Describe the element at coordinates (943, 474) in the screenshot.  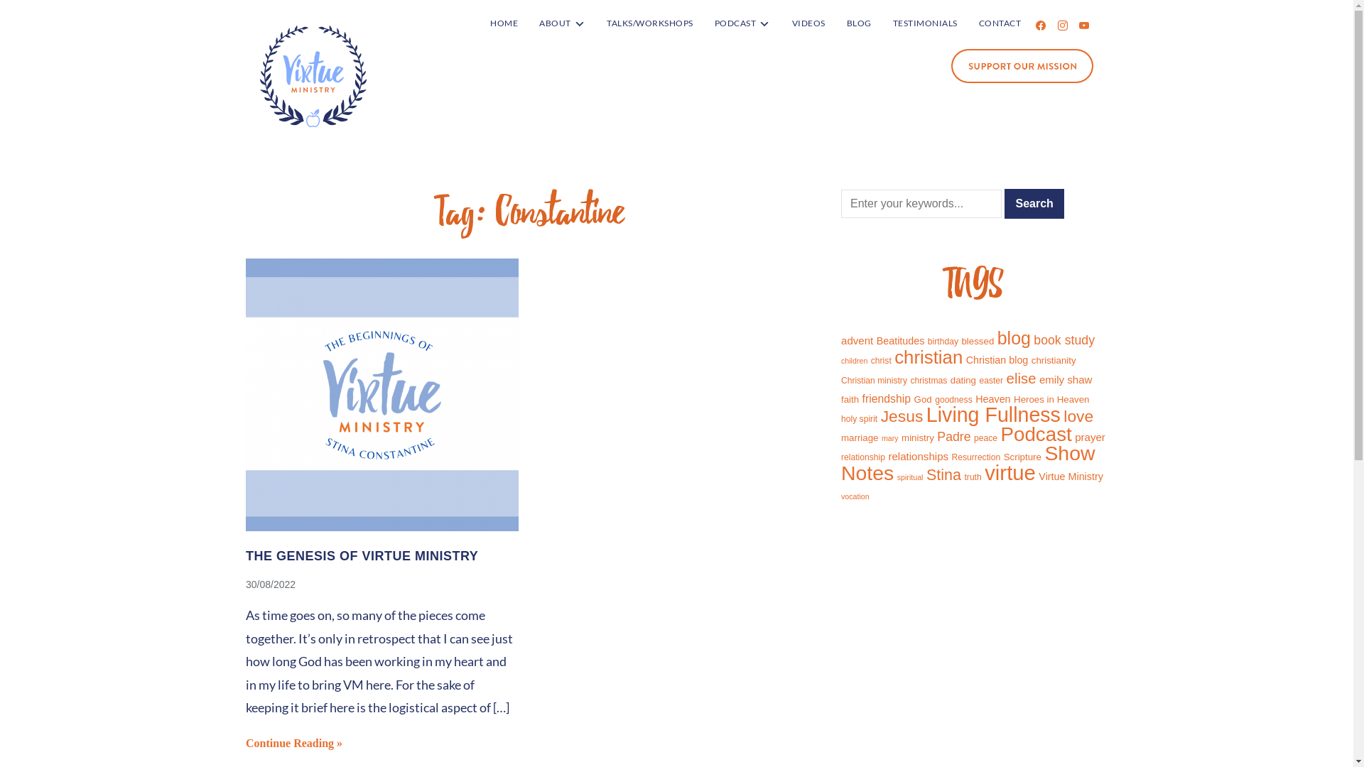
I see `'Stina'` at that location.